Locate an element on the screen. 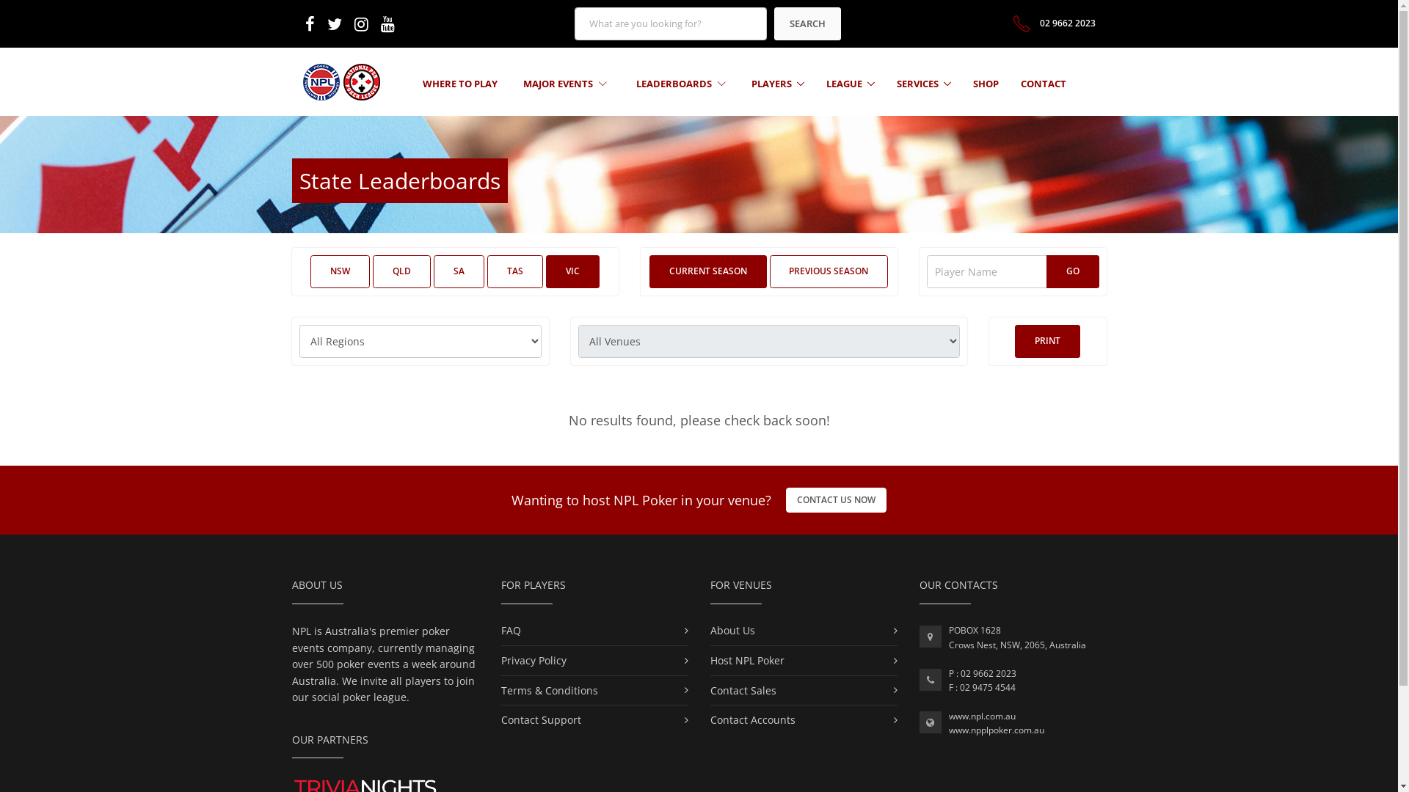 Image resolution: width=1409 pixels, height=792 pixels. 'QLD' is located at coordinates (401, 271).